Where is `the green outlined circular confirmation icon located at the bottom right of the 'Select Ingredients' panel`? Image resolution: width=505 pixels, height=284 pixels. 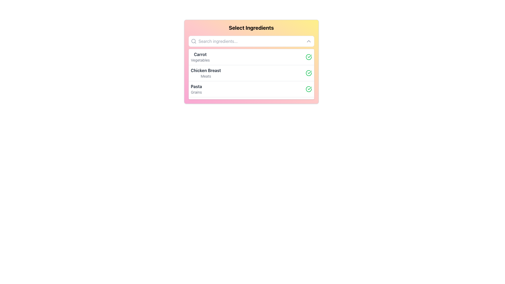 the green outlined circular confirmation icon located at the bottom right of the 'Select Ingredients' panel is located at coordinates (309, 105).